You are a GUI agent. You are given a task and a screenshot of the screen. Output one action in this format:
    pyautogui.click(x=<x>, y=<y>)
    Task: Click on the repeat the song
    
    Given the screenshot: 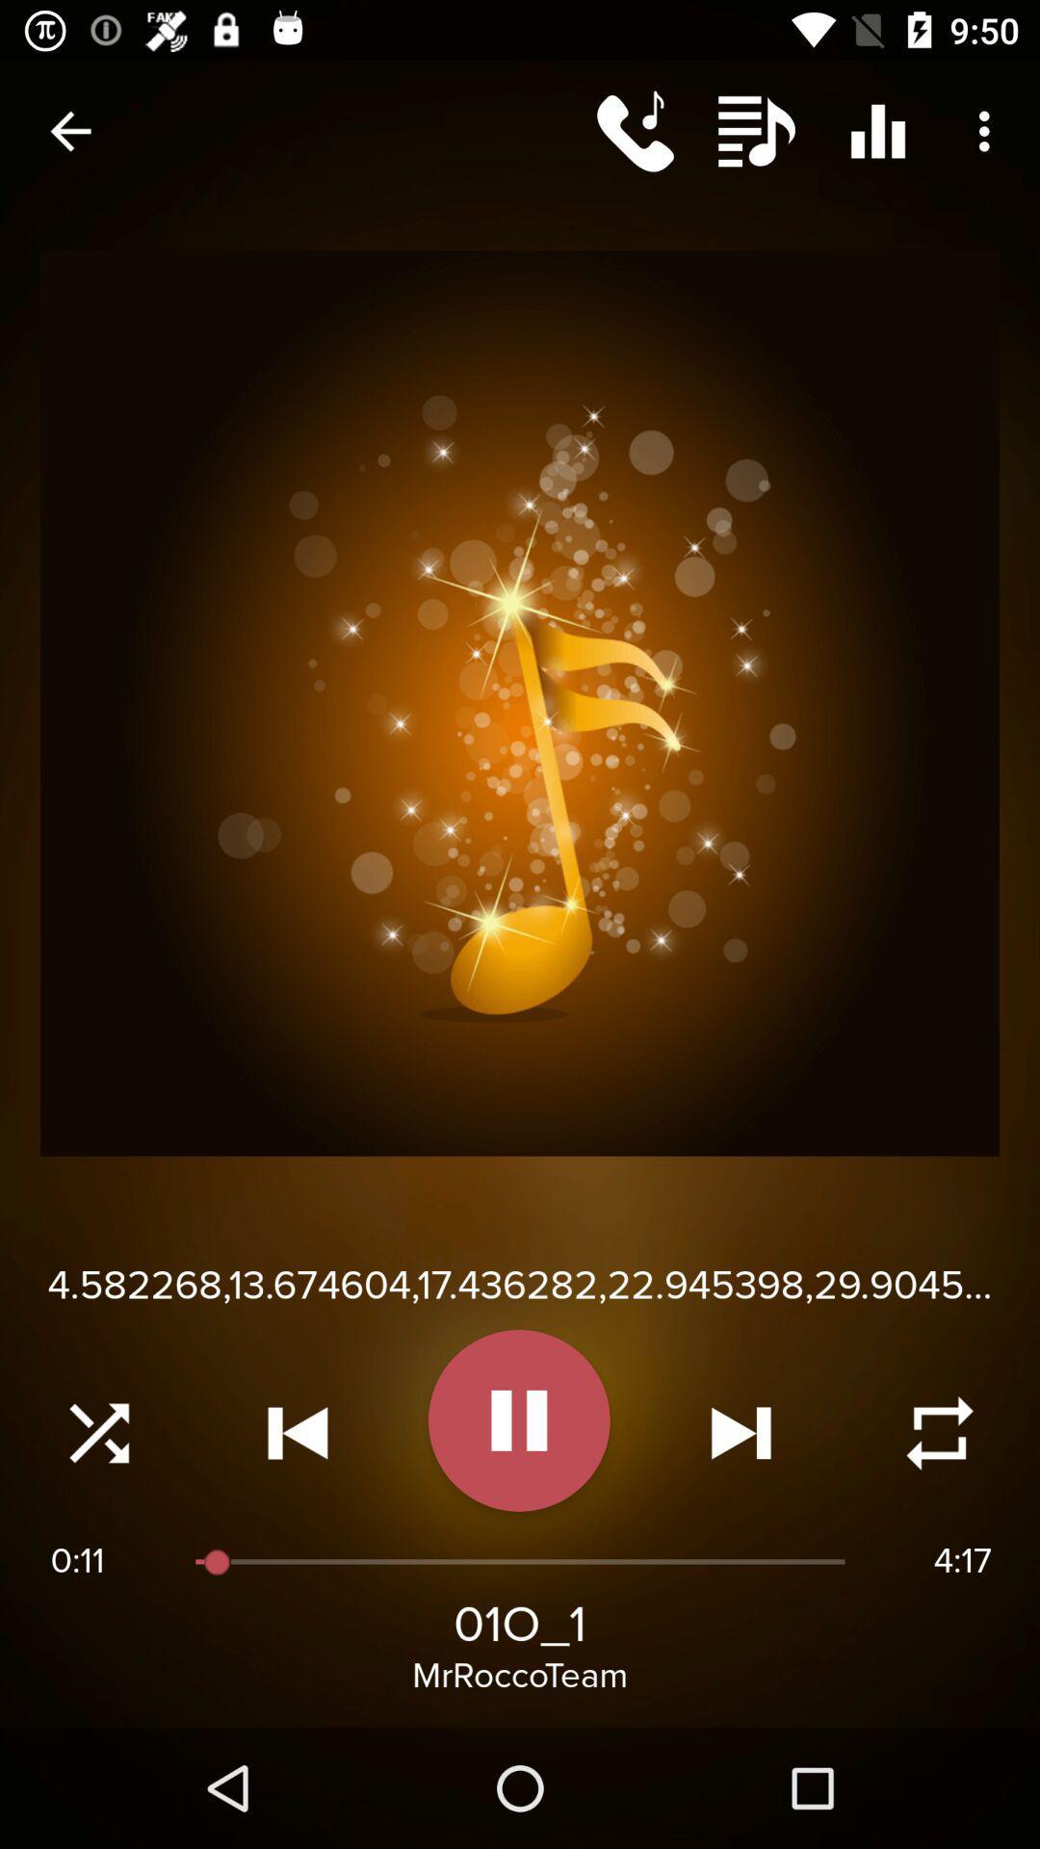 What is the action you would take?
    pyautogui.click(x=939, y=1433)
    